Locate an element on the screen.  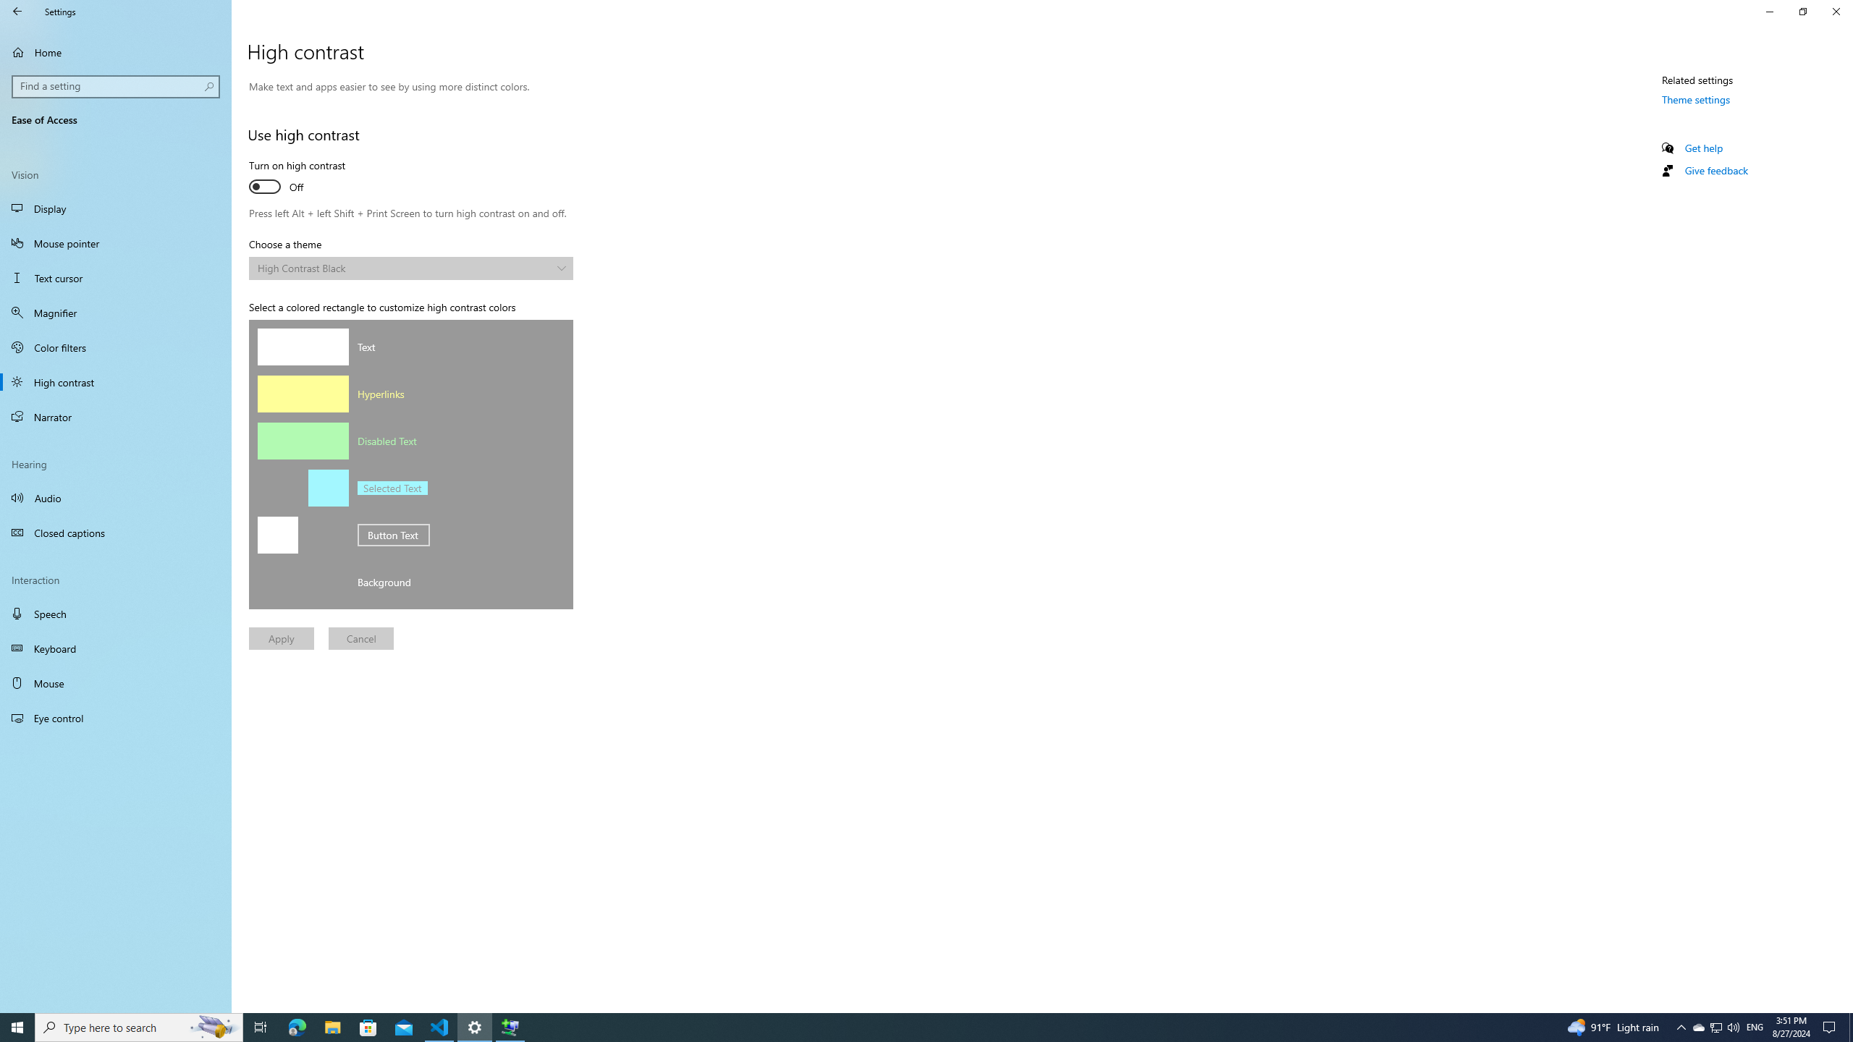
'Cancel' is located at coordinates (360, 638).